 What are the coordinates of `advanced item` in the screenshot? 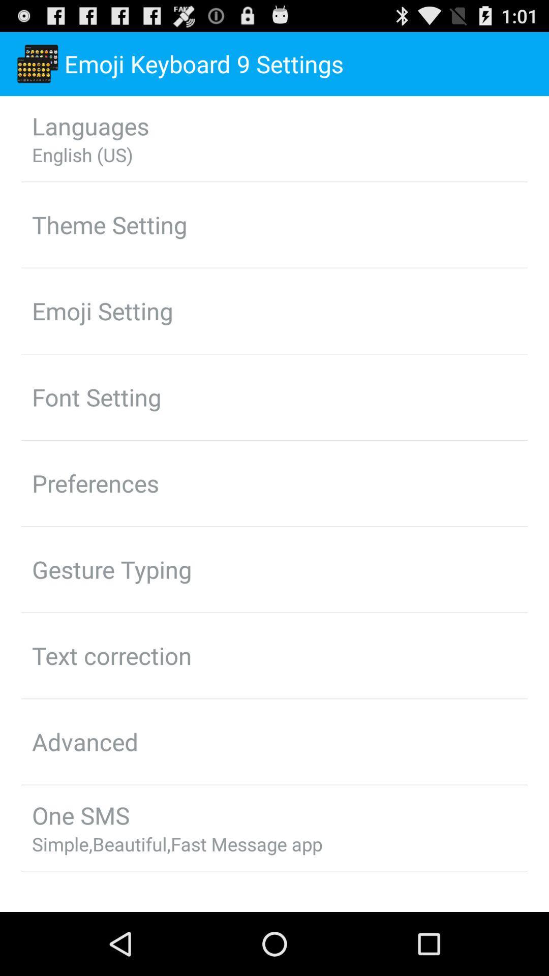 It's located at (84, 742).